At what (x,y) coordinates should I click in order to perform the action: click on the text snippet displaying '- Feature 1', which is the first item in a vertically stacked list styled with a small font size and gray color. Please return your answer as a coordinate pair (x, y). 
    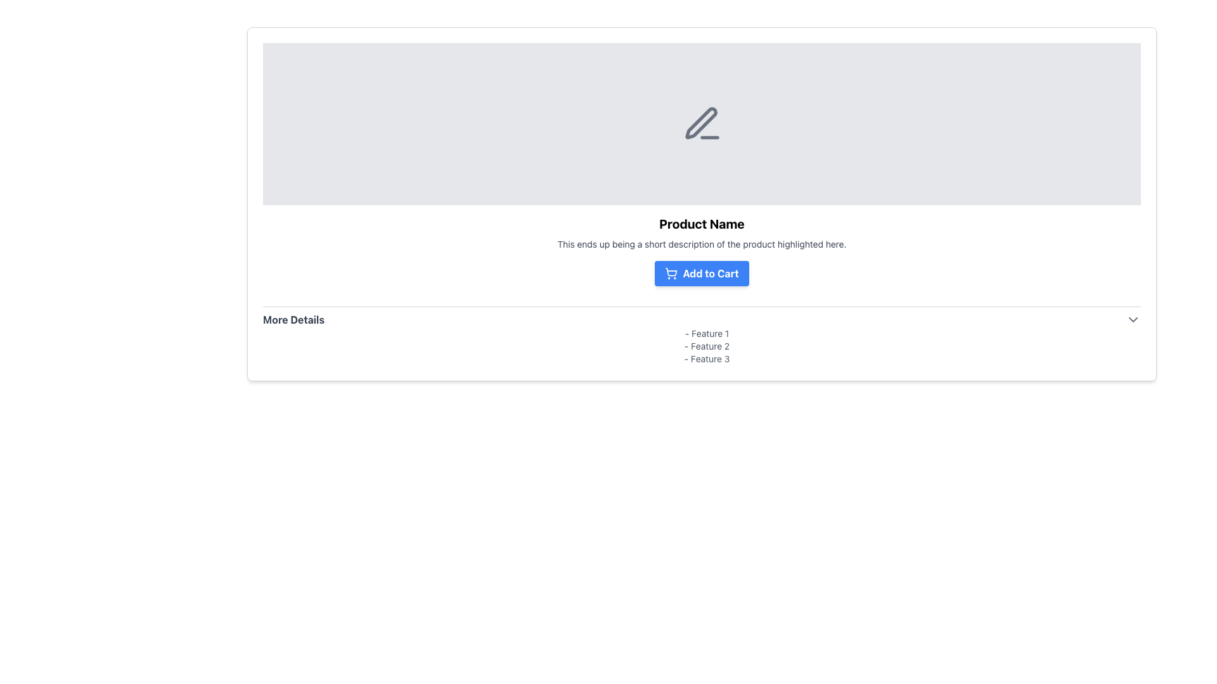
    Looking at the image, I should click on (706, 333).